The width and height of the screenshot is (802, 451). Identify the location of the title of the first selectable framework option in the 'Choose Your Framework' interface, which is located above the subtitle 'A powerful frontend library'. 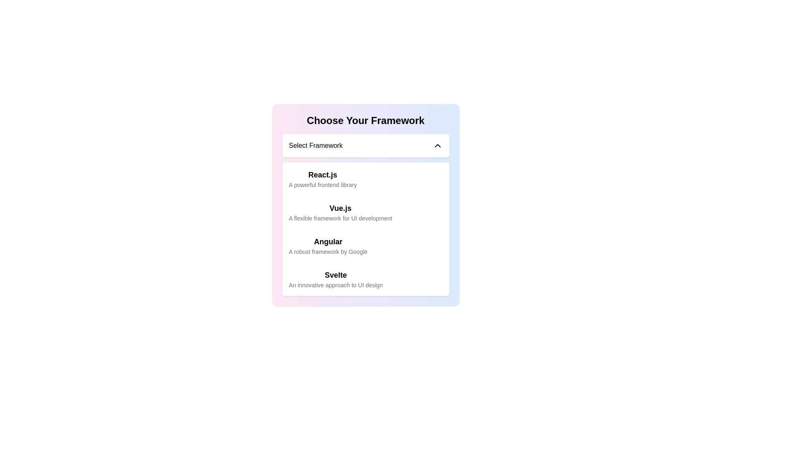
(322, 175).